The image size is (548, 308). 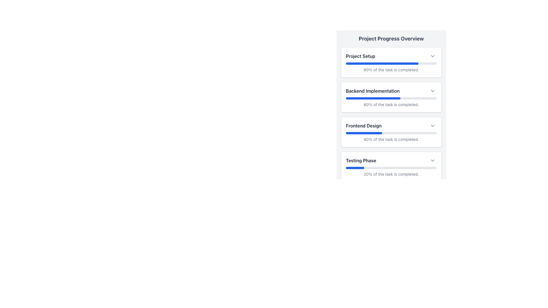 I want to click on the Progress bar indicating 80% completion of the 'Project Setup' task, located beneath the section heading, so click(x=382, y=64).